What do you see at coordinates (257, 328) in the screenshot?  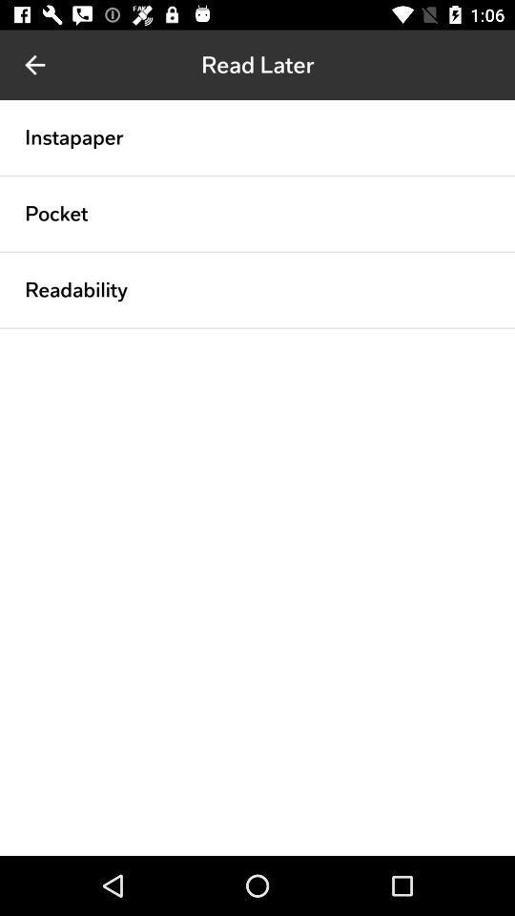 I see `item at the center` at bounding box center [257, 328].